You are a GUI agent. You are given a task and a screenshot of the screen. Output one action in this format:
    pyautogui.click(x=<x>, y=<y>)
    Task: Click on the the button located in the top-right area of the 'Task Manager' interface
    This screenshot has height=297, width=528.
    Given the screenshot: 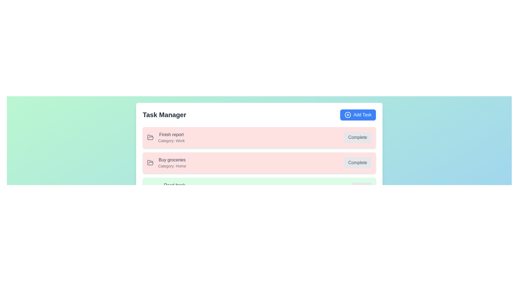 What is the action you would take?
    pyautogui.click(x=358, y=114)
    